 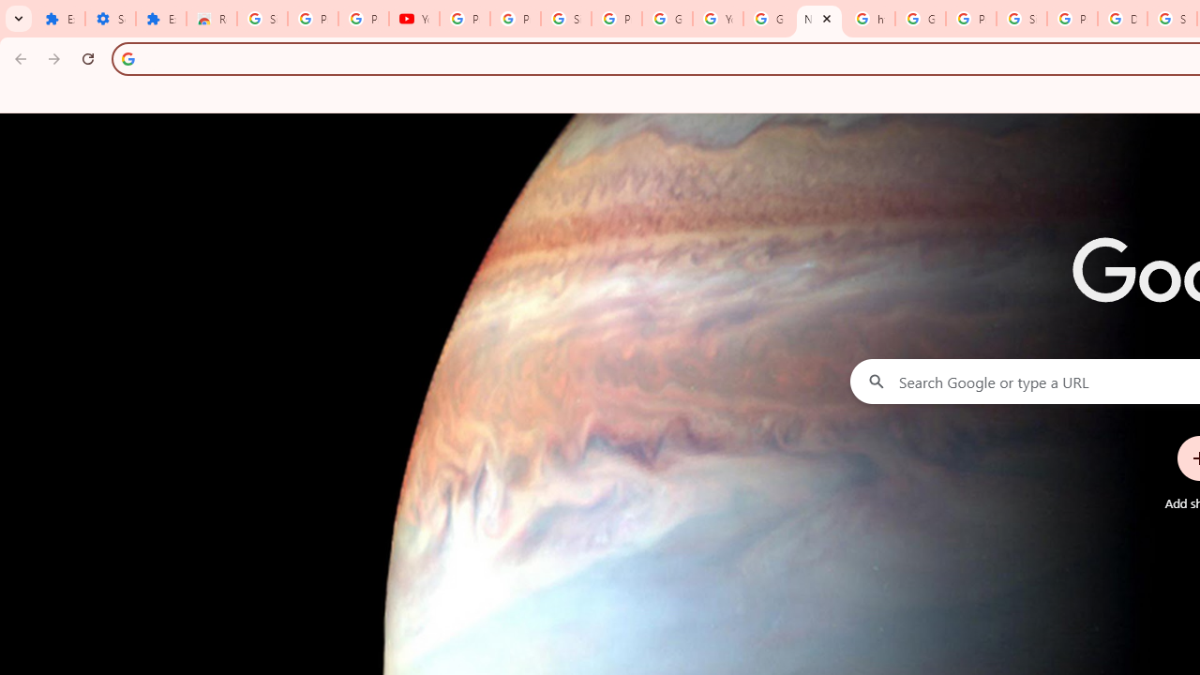 What do you see at coordinates (819, 19) in the screenshot?
I see `'New Tab'` at bounding box center [819, 19].